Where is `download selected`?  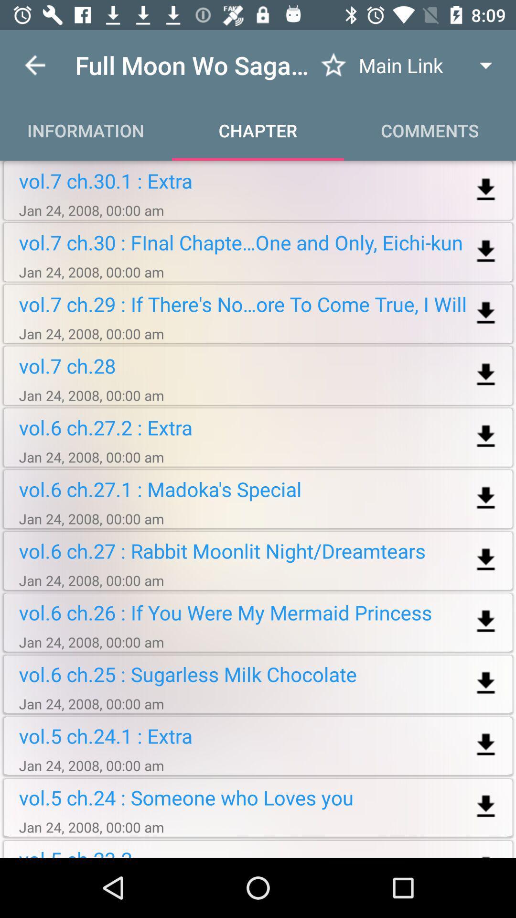 download selected is located at coordinates (486, 313).